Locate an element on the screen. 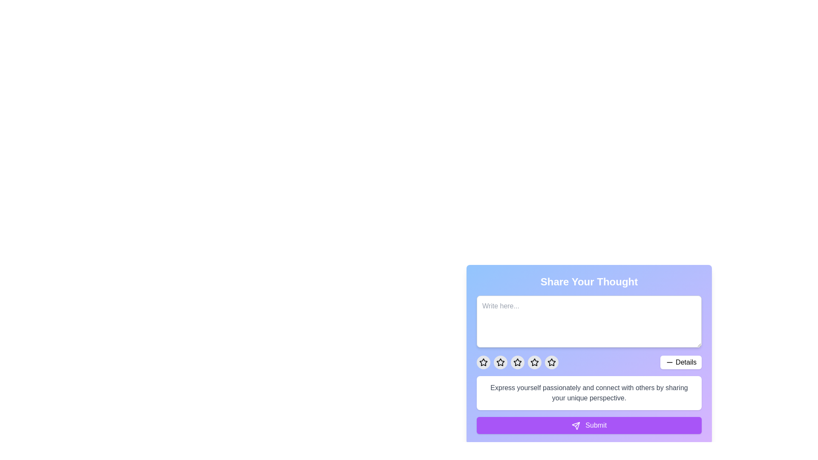 This screenshot has height=460, width=818. the circular button with a gray background and a star icon, which is the first of five horizontally arranged buttons located below the 'Write here...' text input field is located at coordinates (483, 362).